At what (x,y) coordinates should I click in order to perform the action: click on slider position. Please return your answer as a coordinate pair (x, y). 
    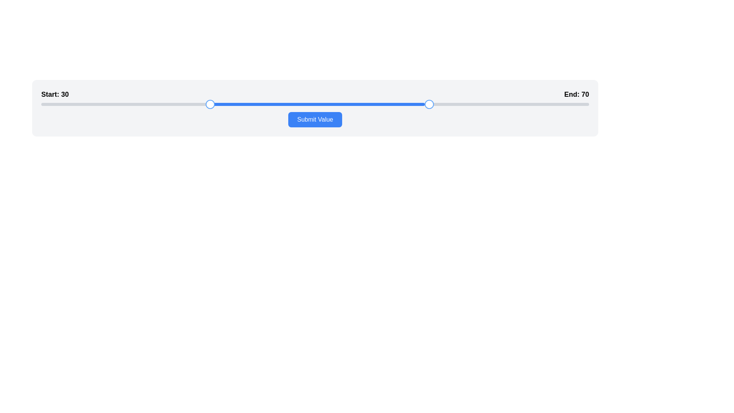
    Looking at the image, I should click on (120, 104).